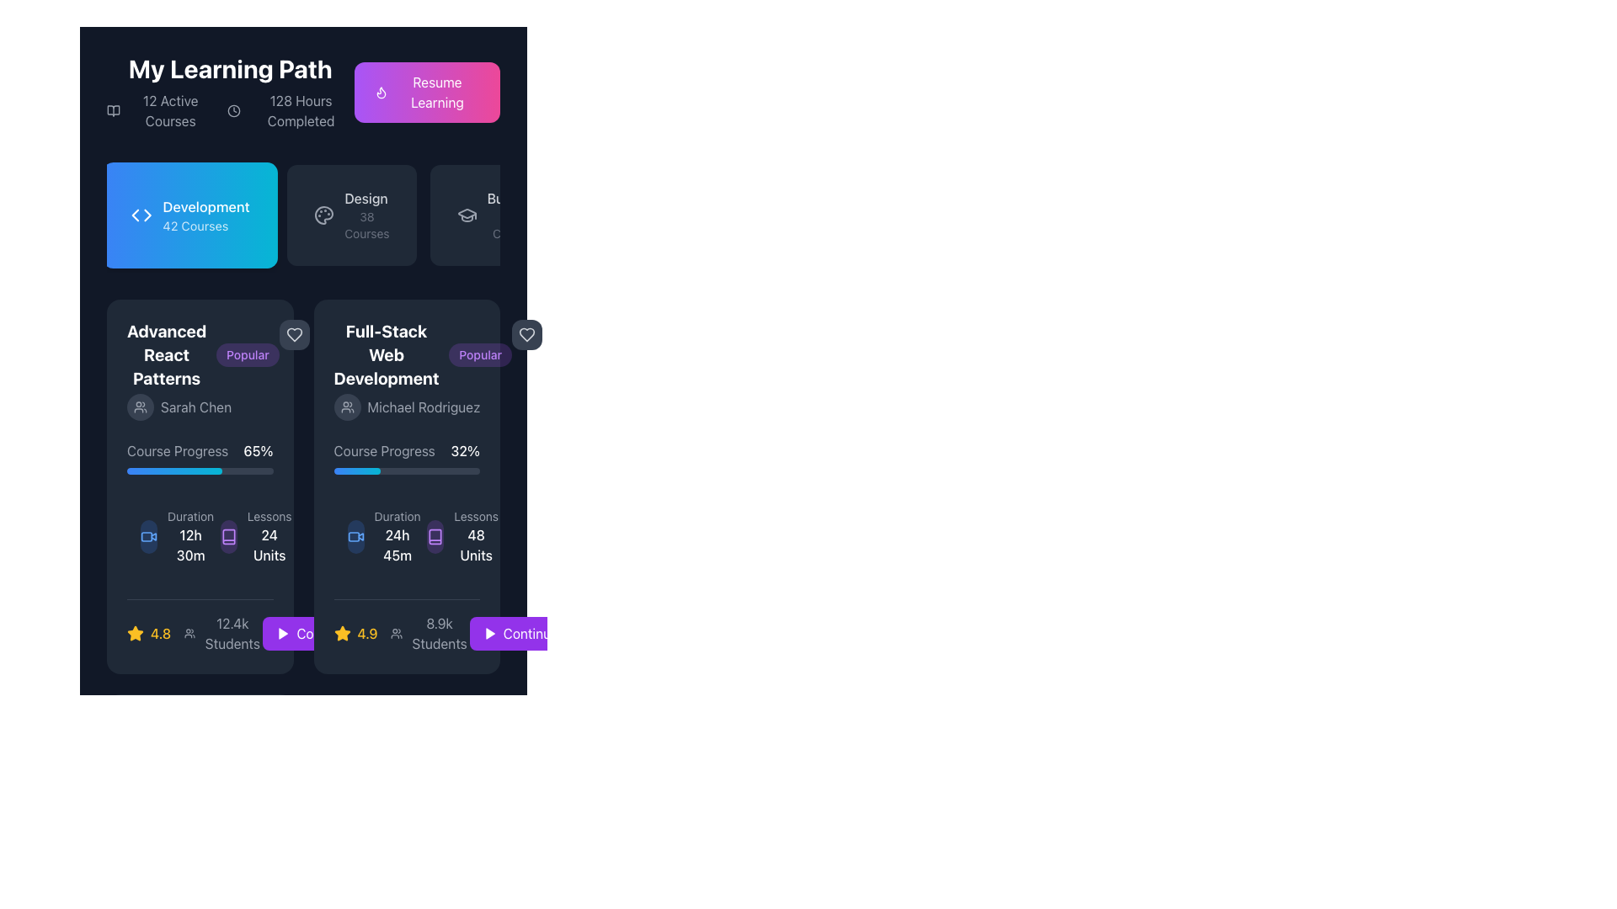 This screenshot has width=1617, height=909. I want to click on the non-interactive video icon, represented as a blue outlined rectangle with a right-facing triangle cutout, located within the 'Full-Stack Web Development' card's duration section next to the time information ('24h 45m'), so click(355, 536).